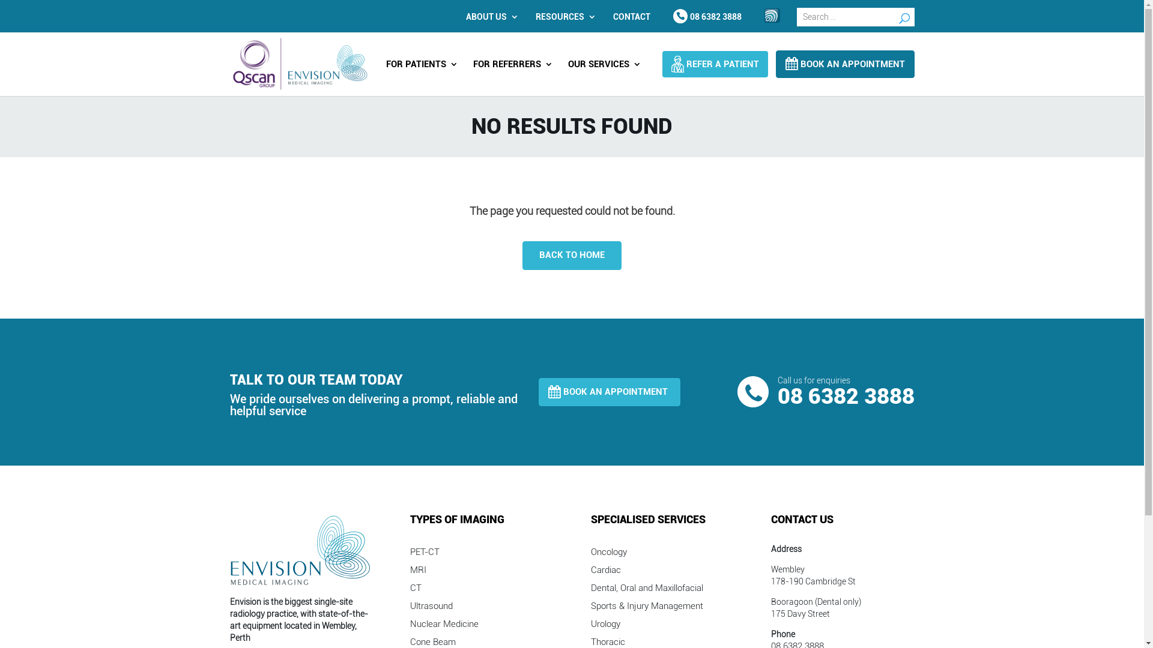 The image size is (1153, 648). What do you see at coordinates (844, 64) in the screenshot?
I see `'BOOK AN APPOINTMENT'` at bounding box center [844, 64].